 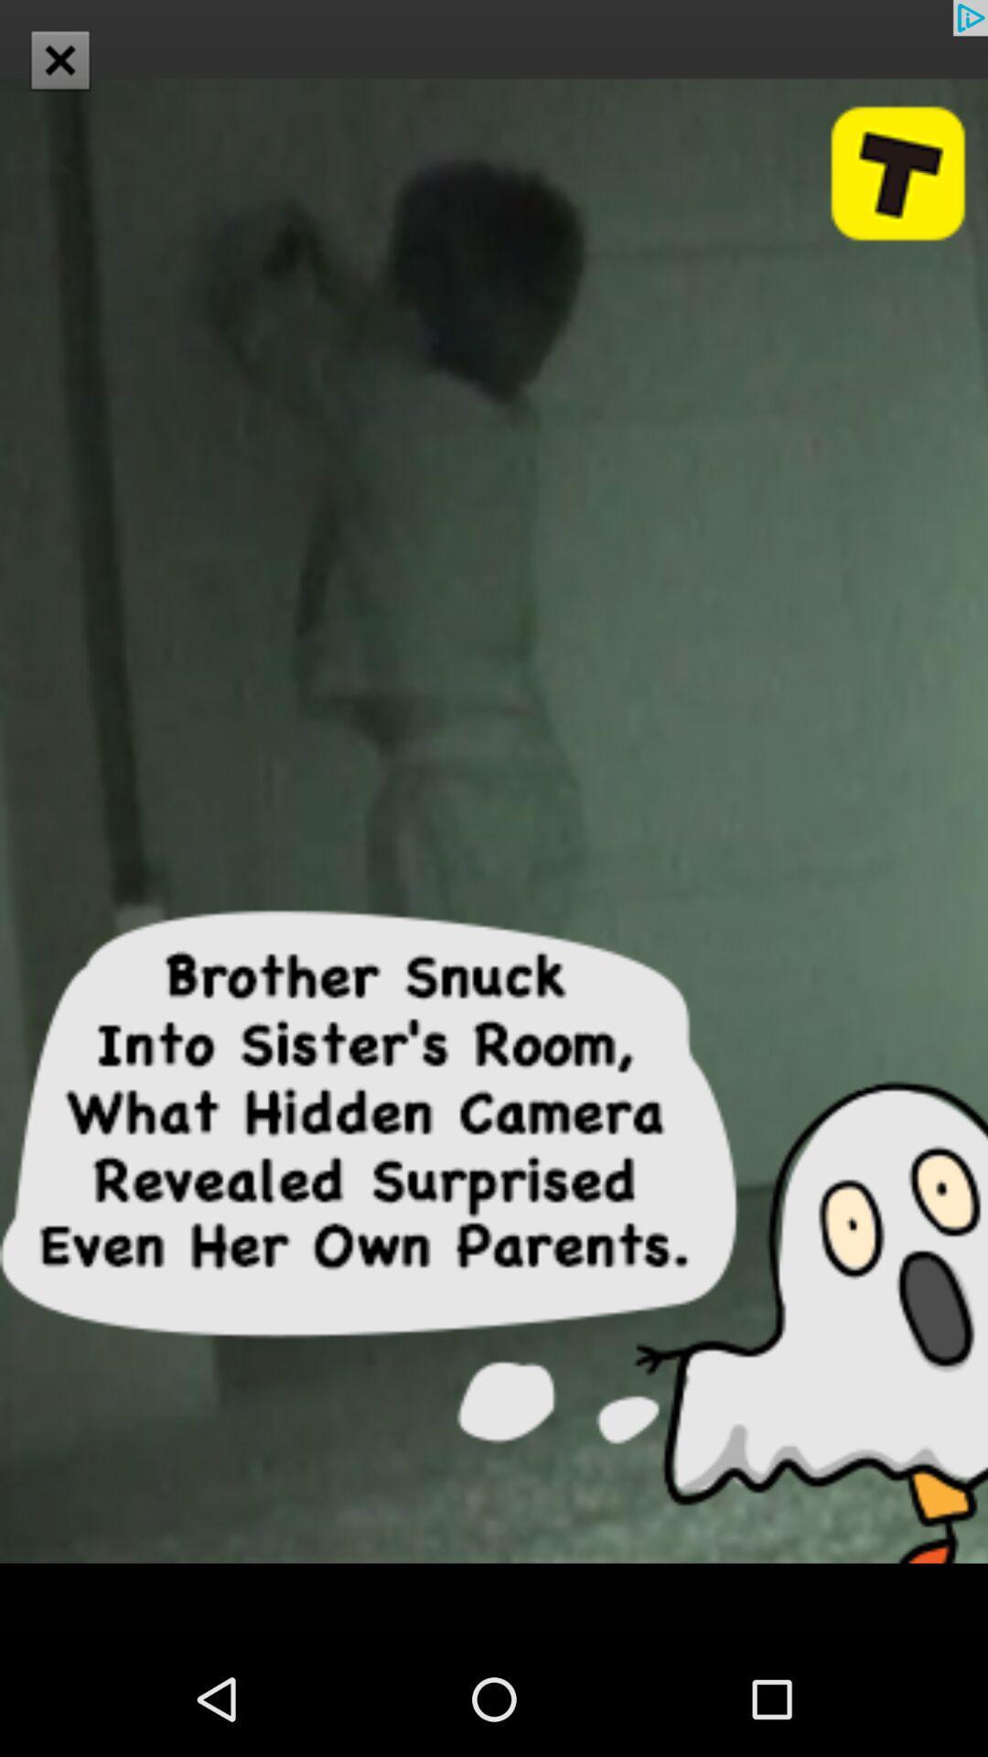 What do you see at coordinates (59, 64) in the screenshot?
I see `the close icon` at bounding box center [59, 64].